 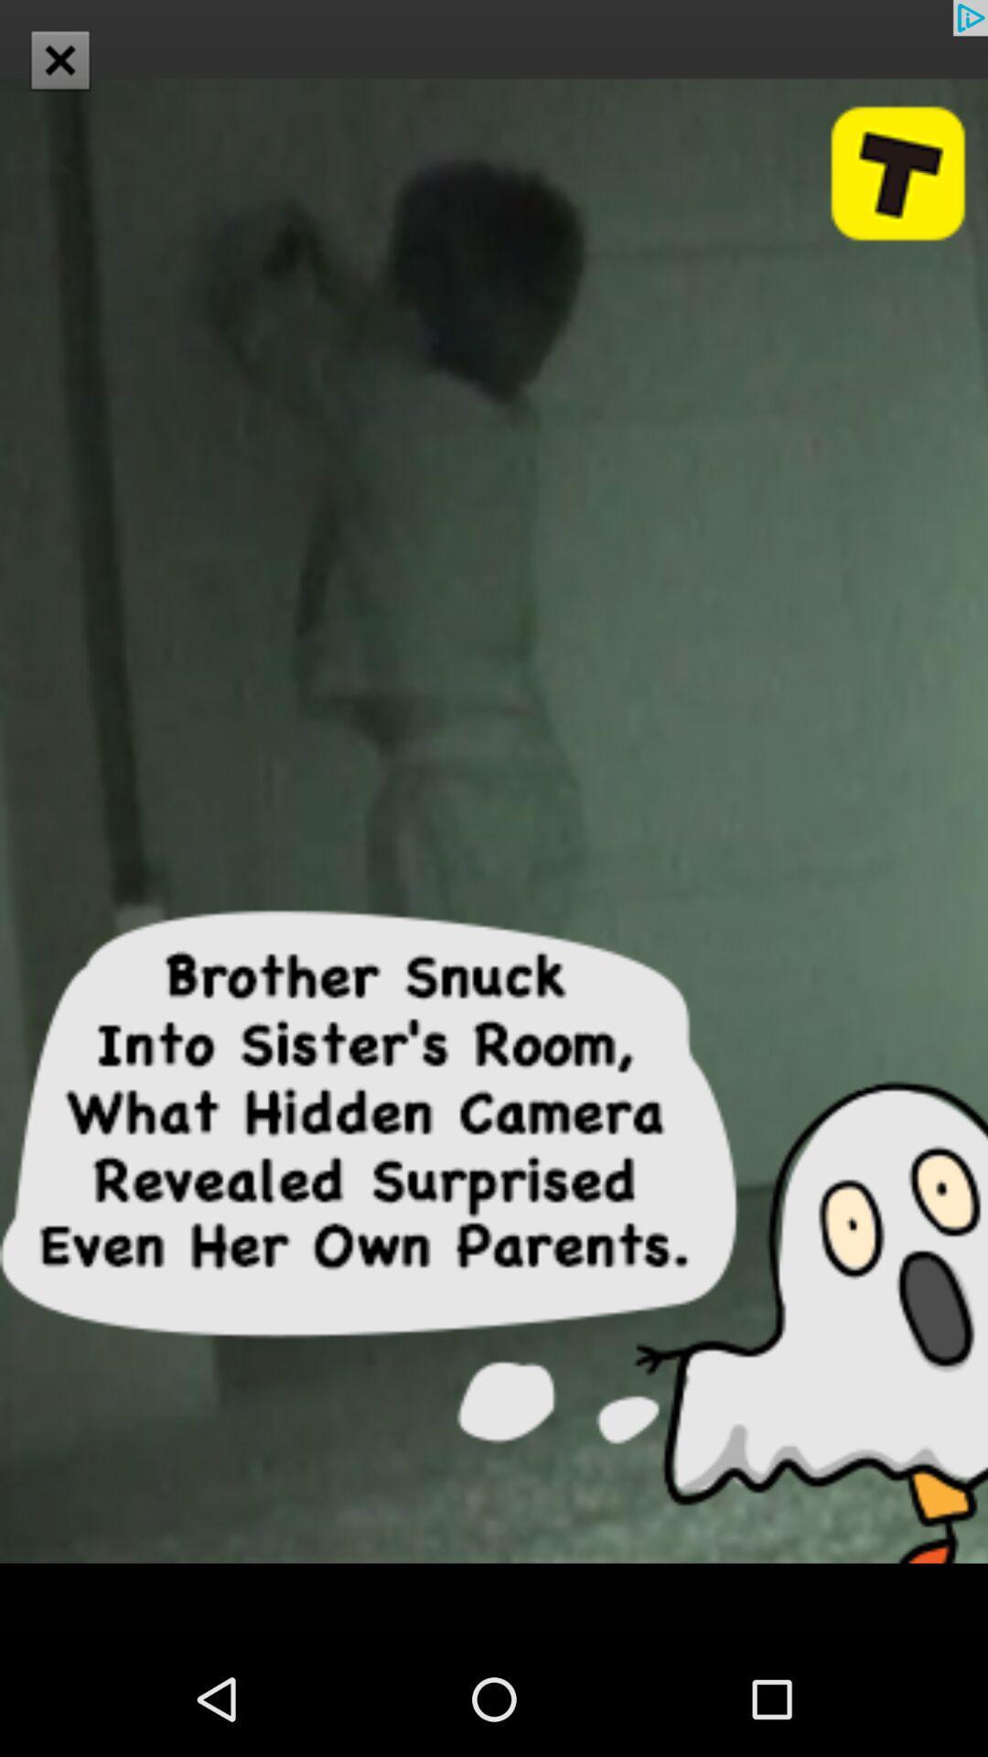 What do you see at coordinates (59, 64) in the screenshot?
I see `the close icon` at bounding box center [59, 64].